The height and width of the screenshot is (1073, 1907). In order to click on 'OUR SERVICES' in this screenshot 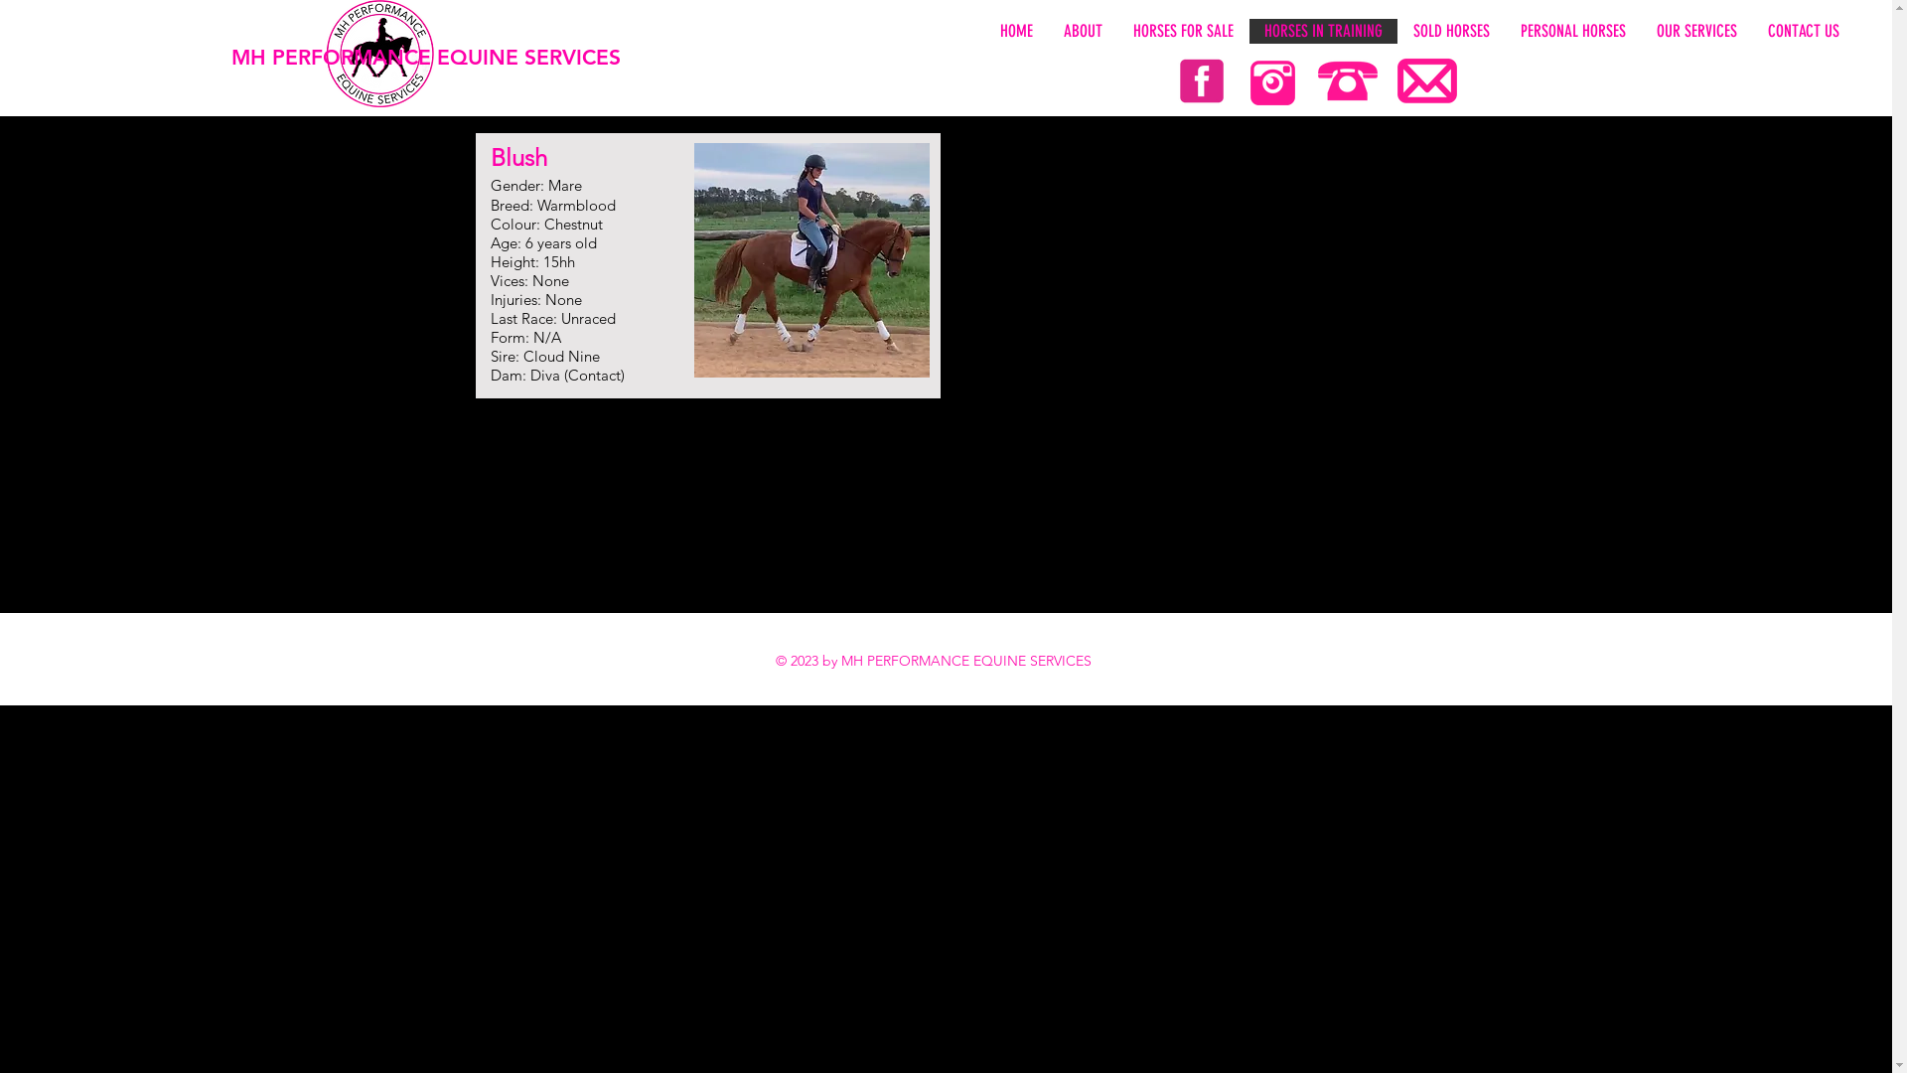, I will do `click(1695, 31)`.